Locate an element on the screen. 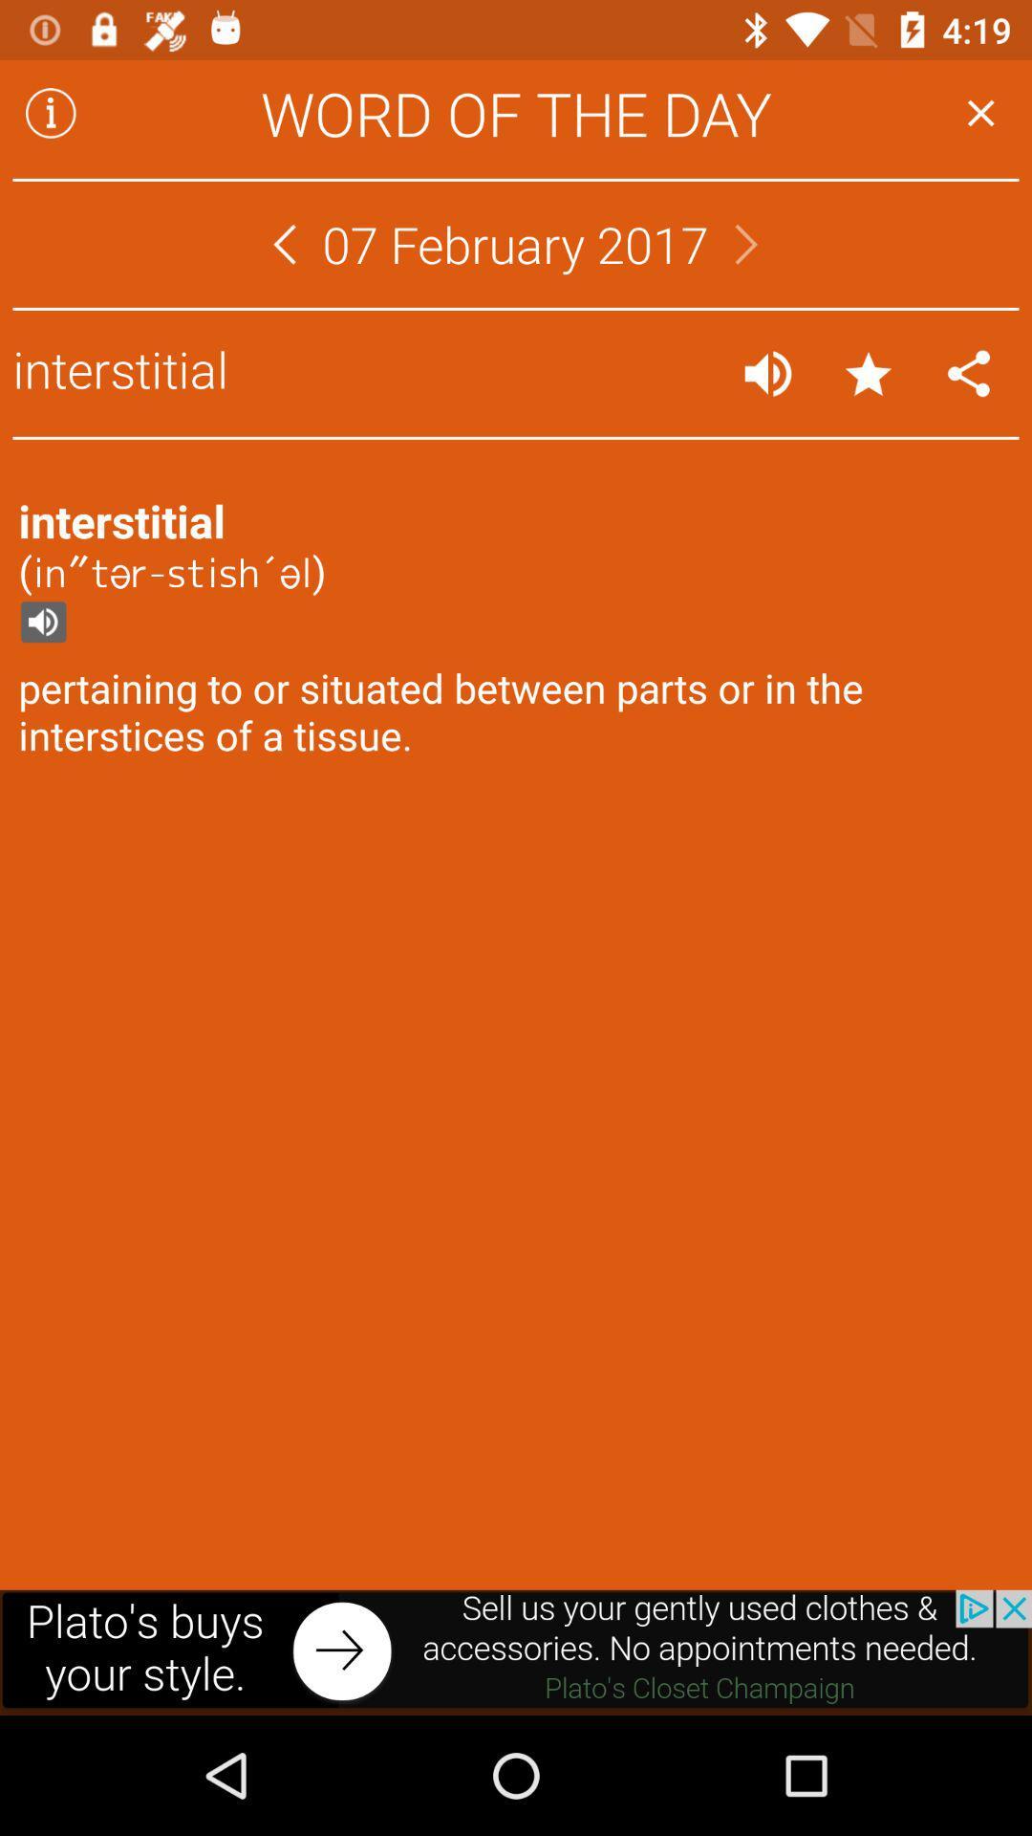  the option is located at coordinates (980, 112).